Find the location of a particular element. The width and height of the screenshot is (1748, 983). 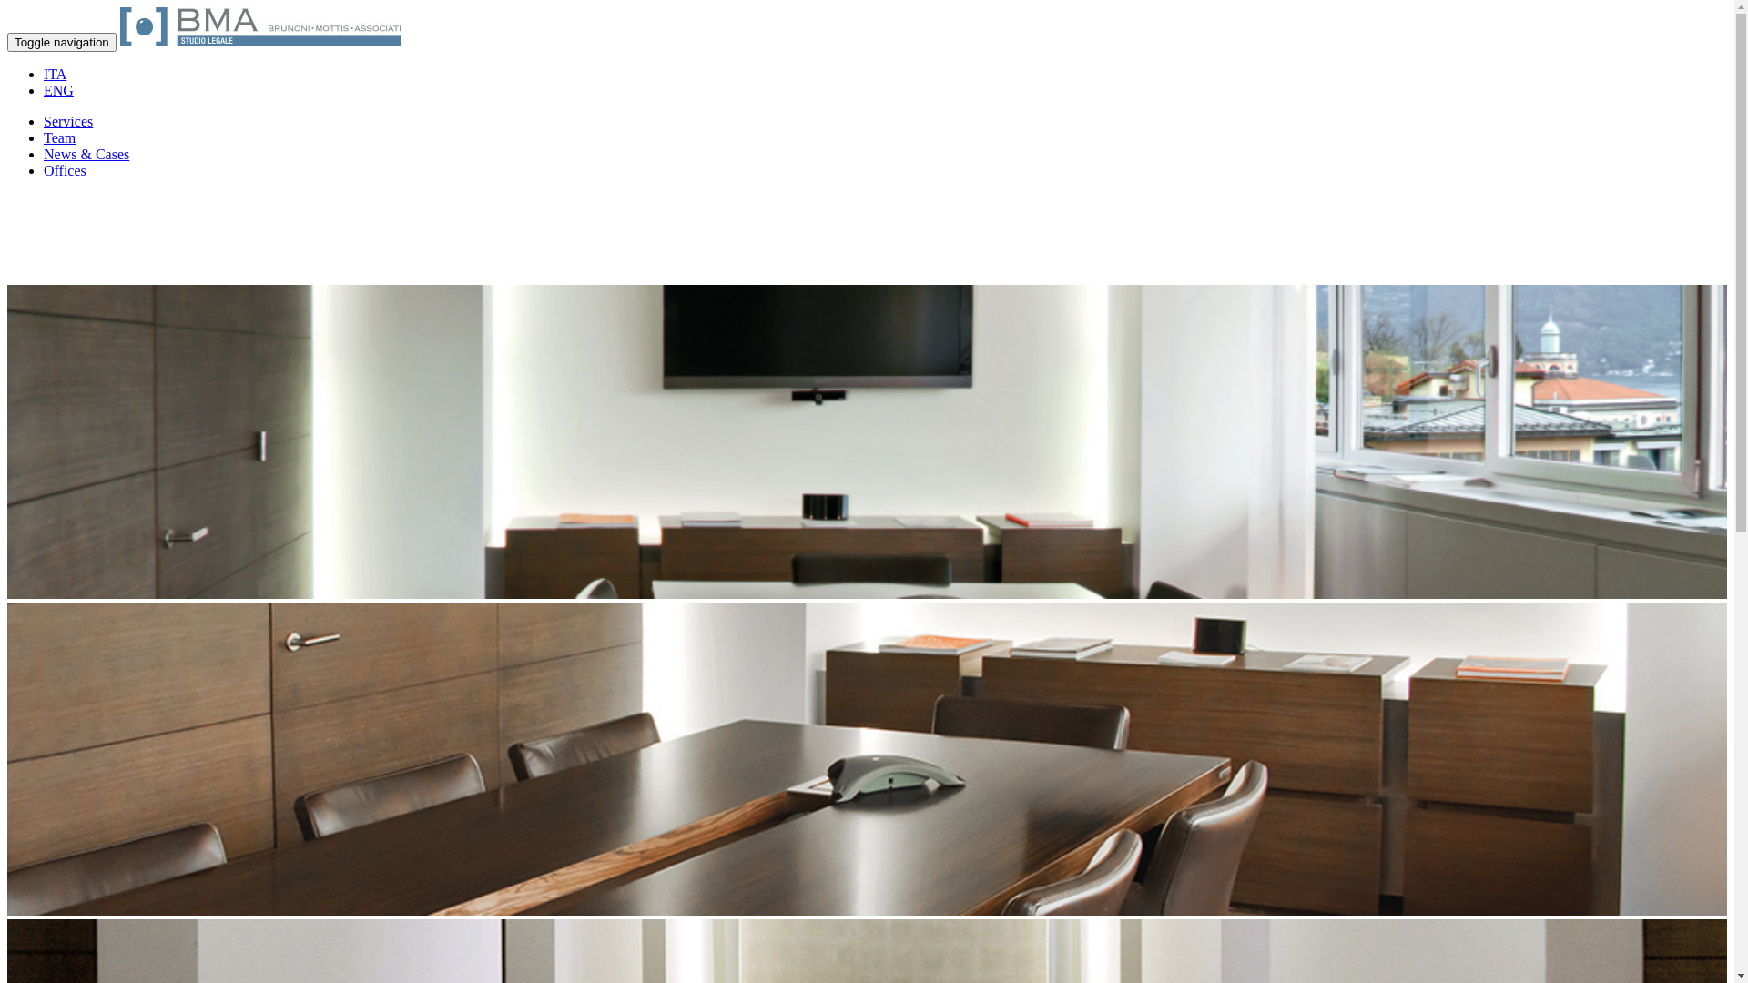

'Services' is located at coordinates (68, 121).